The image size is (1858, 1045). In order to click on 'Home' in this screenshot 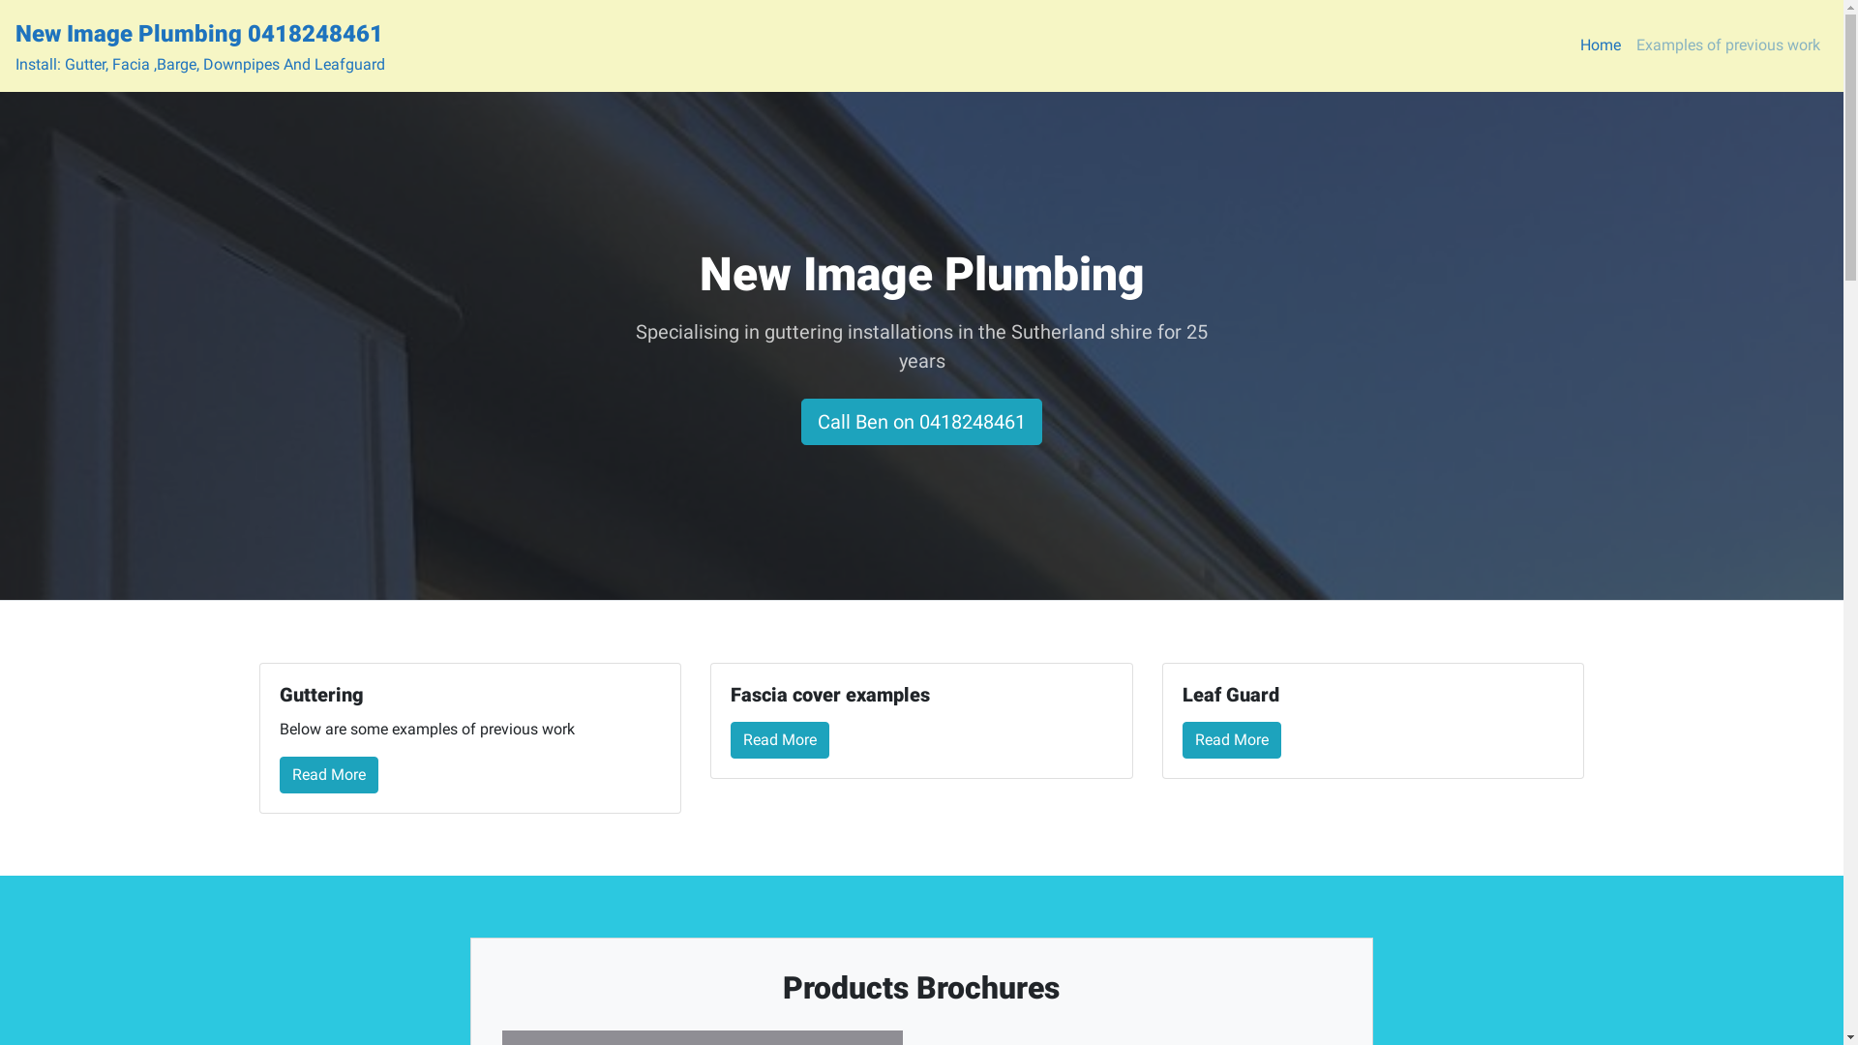, I will do `click(1573, 44)`.